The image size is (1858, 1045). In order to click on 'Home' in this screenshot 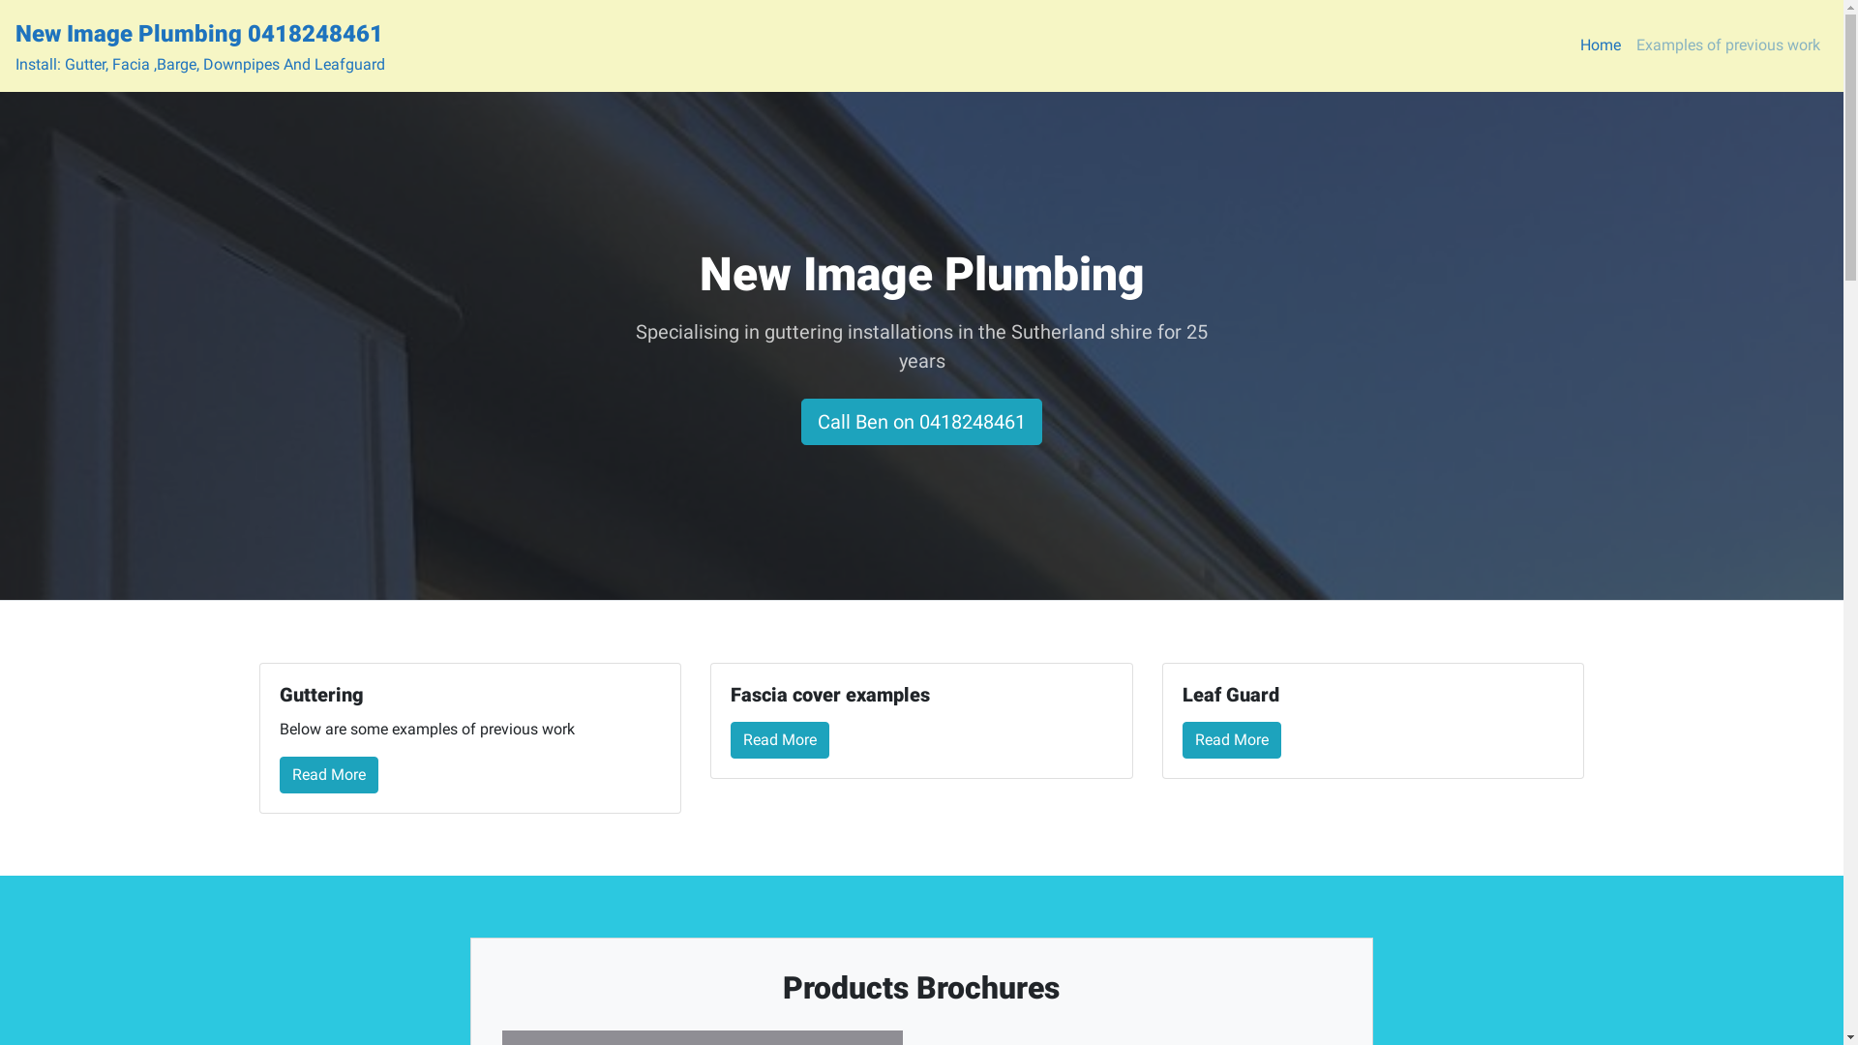, I will do `click(1573, 44)`.